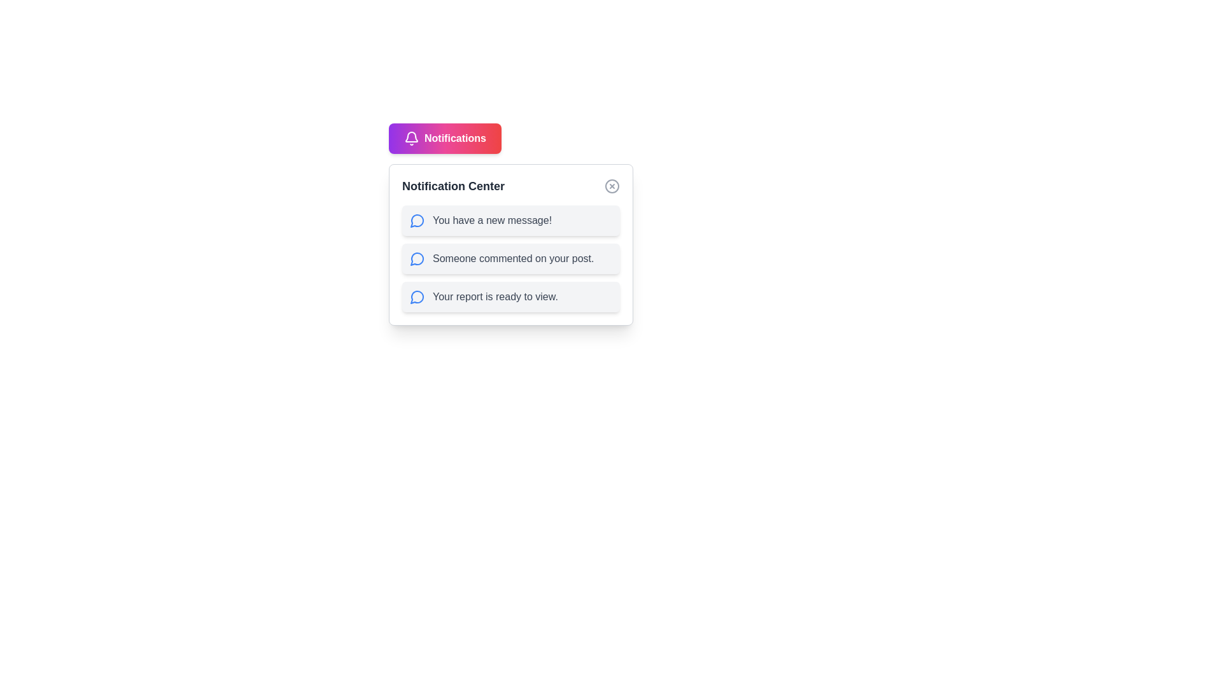 The height and width of the screenshot is (687, 1222). What do you see at coordinates (510, 245) in the screenshot?
I see `a notification item within the 'Notification Center' popup notification panel which is a rectangular white card with rounded corners` at bounding box center [510, 245].